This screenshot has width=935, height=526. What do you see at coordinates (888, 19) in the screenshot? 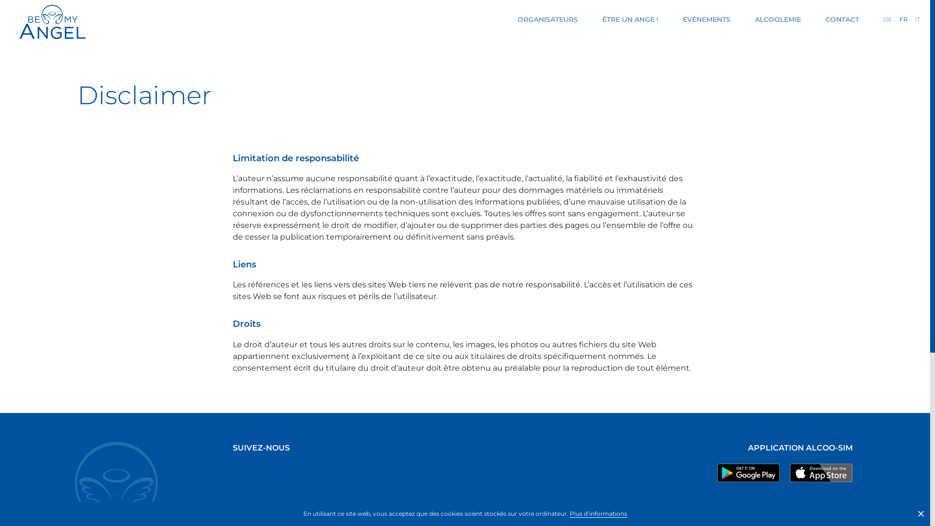
I see `'DE'` at bounding box center [888, 19].